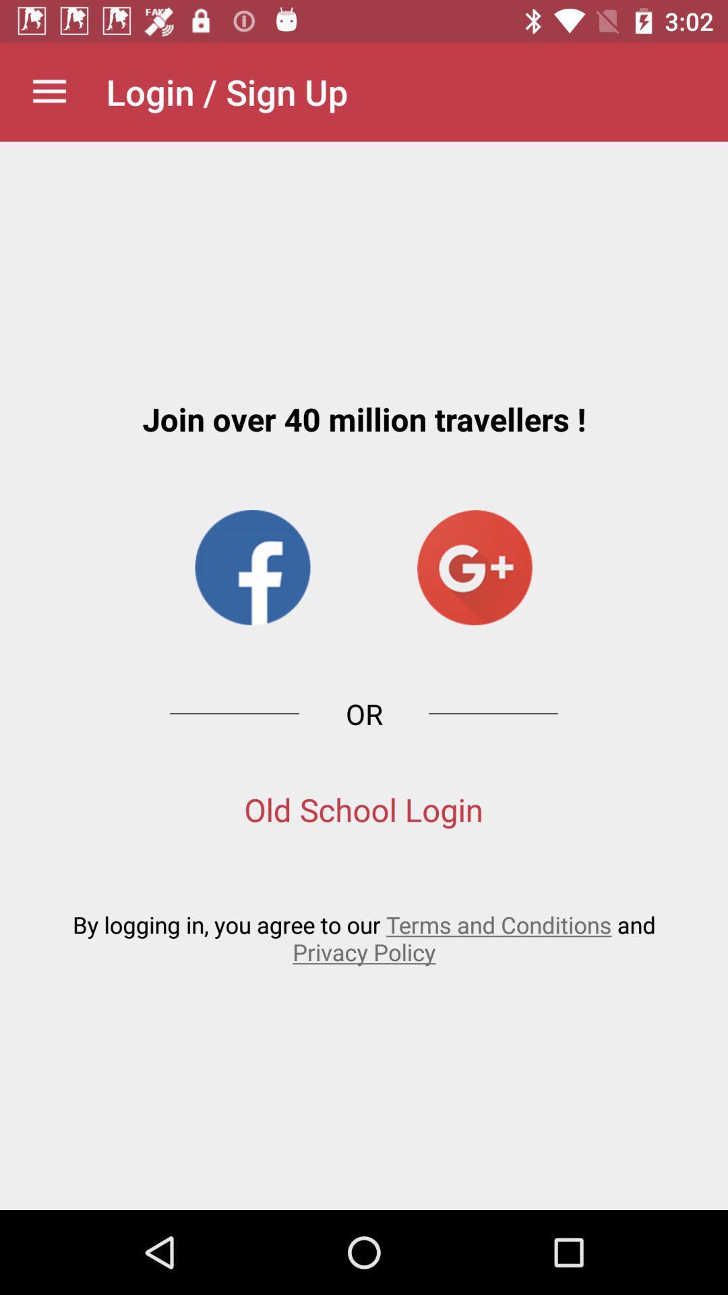 The width and height of the screenshot is (728, 1295). I want to click on the item above the by logging in item, so click(363, 809).